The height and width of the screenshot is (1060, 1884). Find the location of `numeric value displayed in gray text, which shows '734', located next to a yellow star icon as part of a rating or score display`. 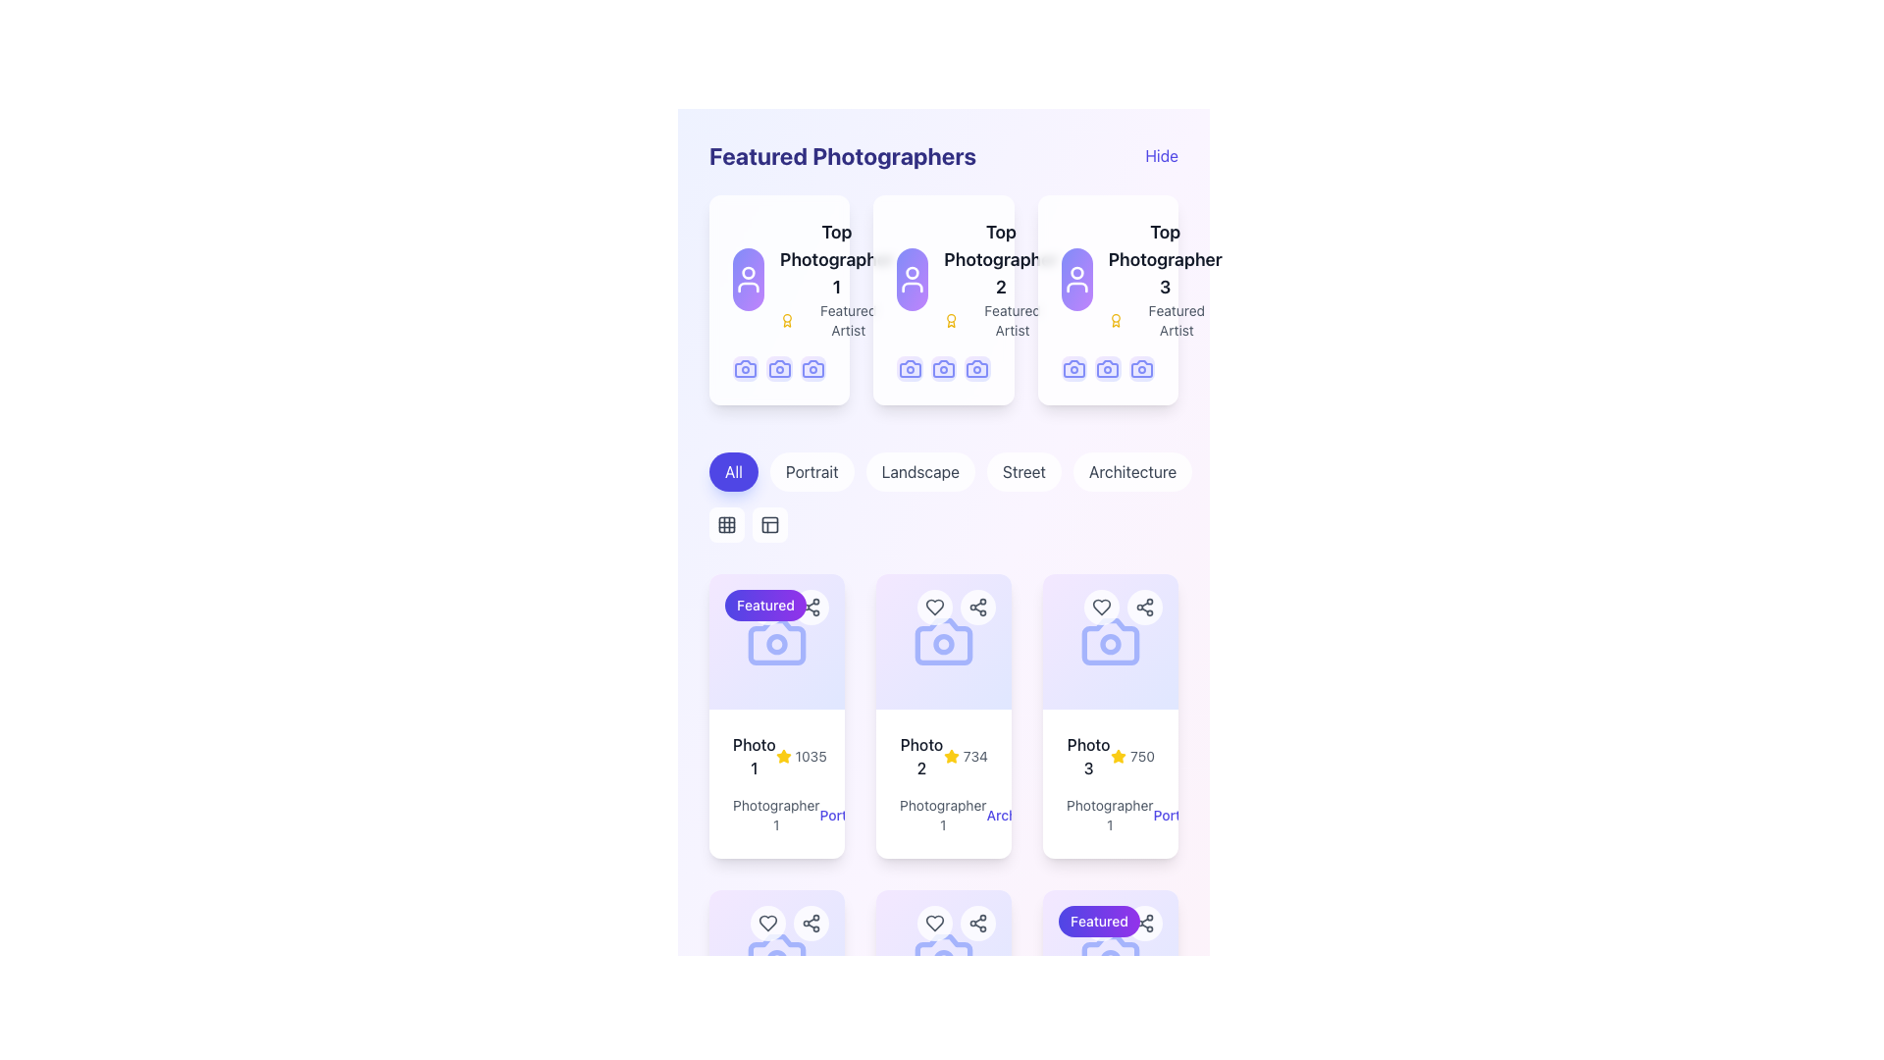

numeric value displayed in gray text, which shows '734', located next to a yellow star icon as part of a rating or score display is located at coordinates (975, 756).